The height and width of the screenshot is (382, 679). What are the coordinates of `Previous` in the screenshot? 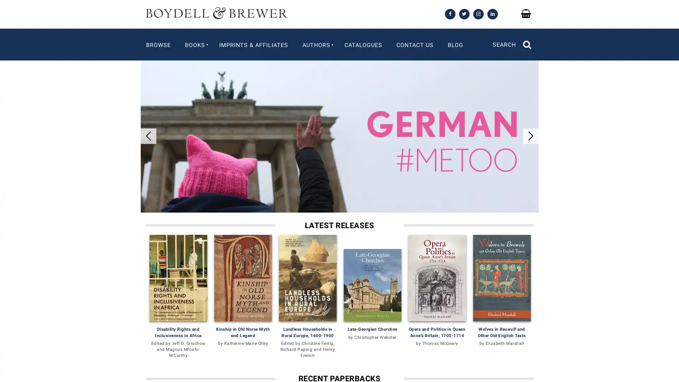 It's located at (147, 125).